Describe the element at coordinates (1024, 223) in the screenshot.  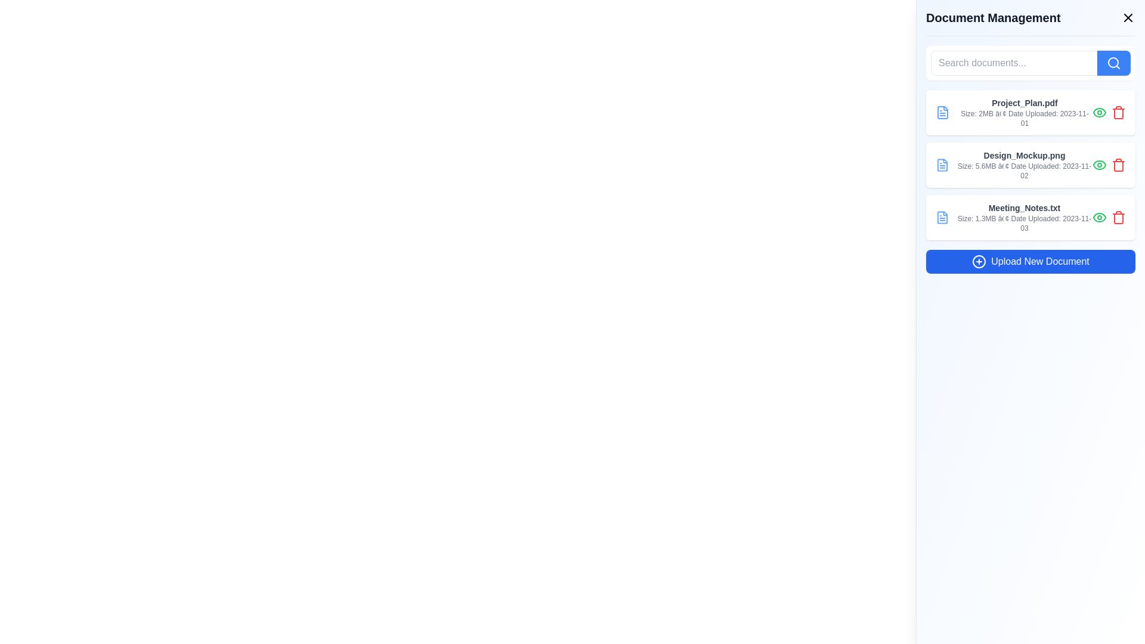
I see `the Text Label that informs users about the file's storage size and the date it was uploaded, located below the file title 'Meeting_Notes.txt'` at that location.